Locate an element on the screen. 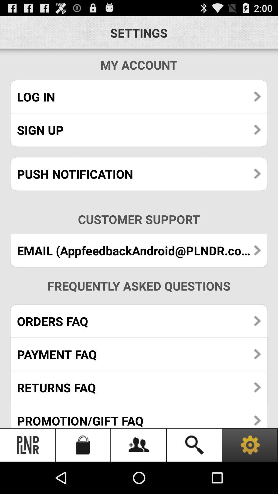 The image size is (278, 494). the app above the push notification app is located at coordinates (139, 130).